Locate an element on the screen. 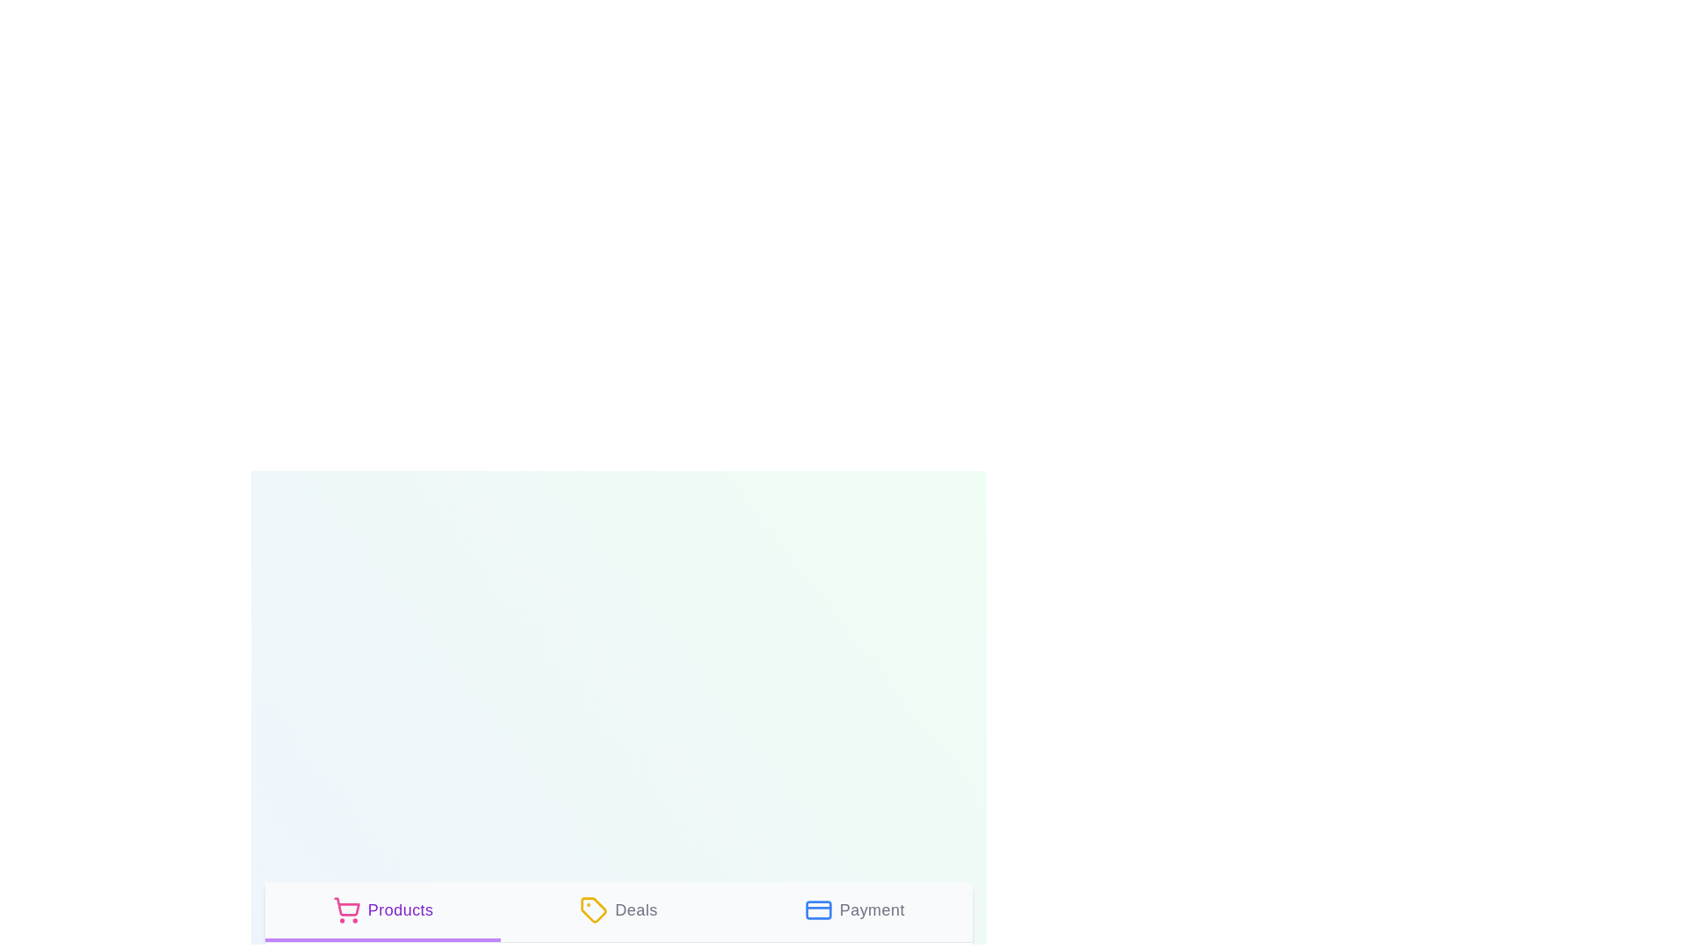 Image resolution: width=1687 pixels, height=949 pixels. the Deals tab is located at coordinates (619, 910).